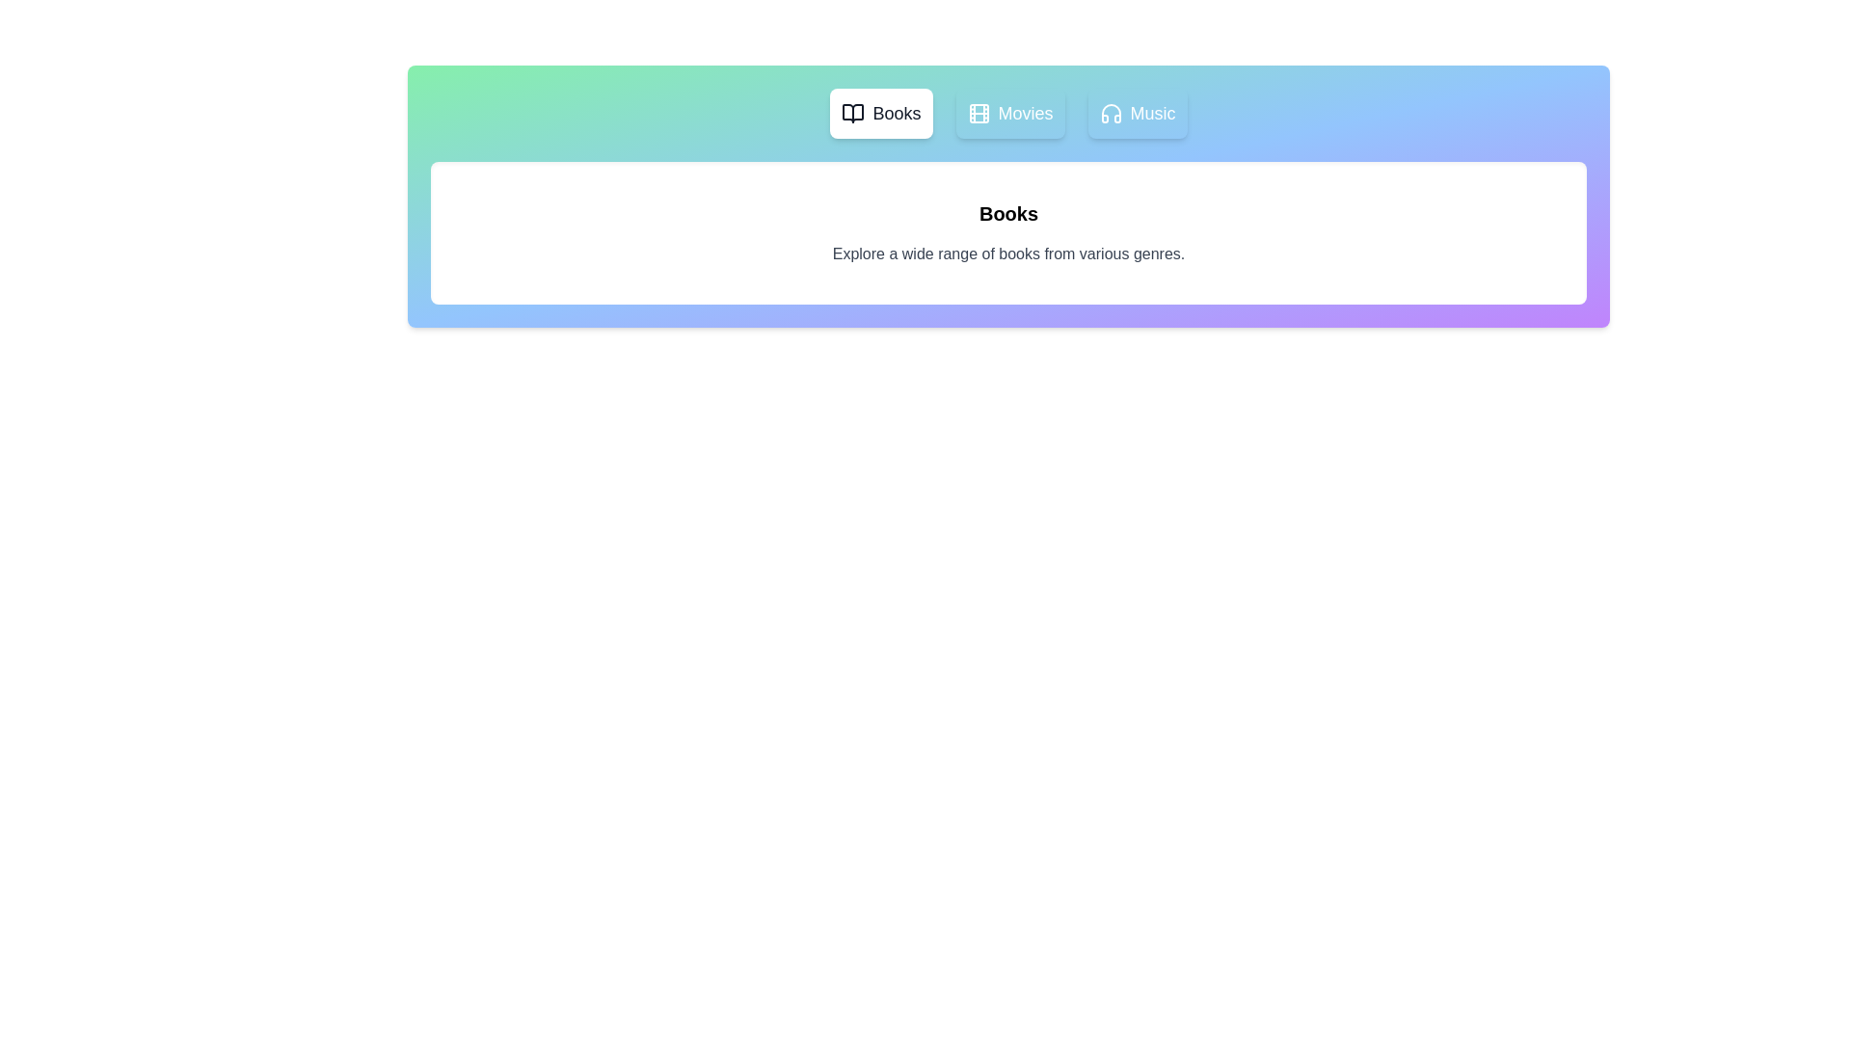  What do you see at coordinates (1138, 114) in the screenshot?
I see `the Music tab to view its content` at bounding box center [1138, 114].